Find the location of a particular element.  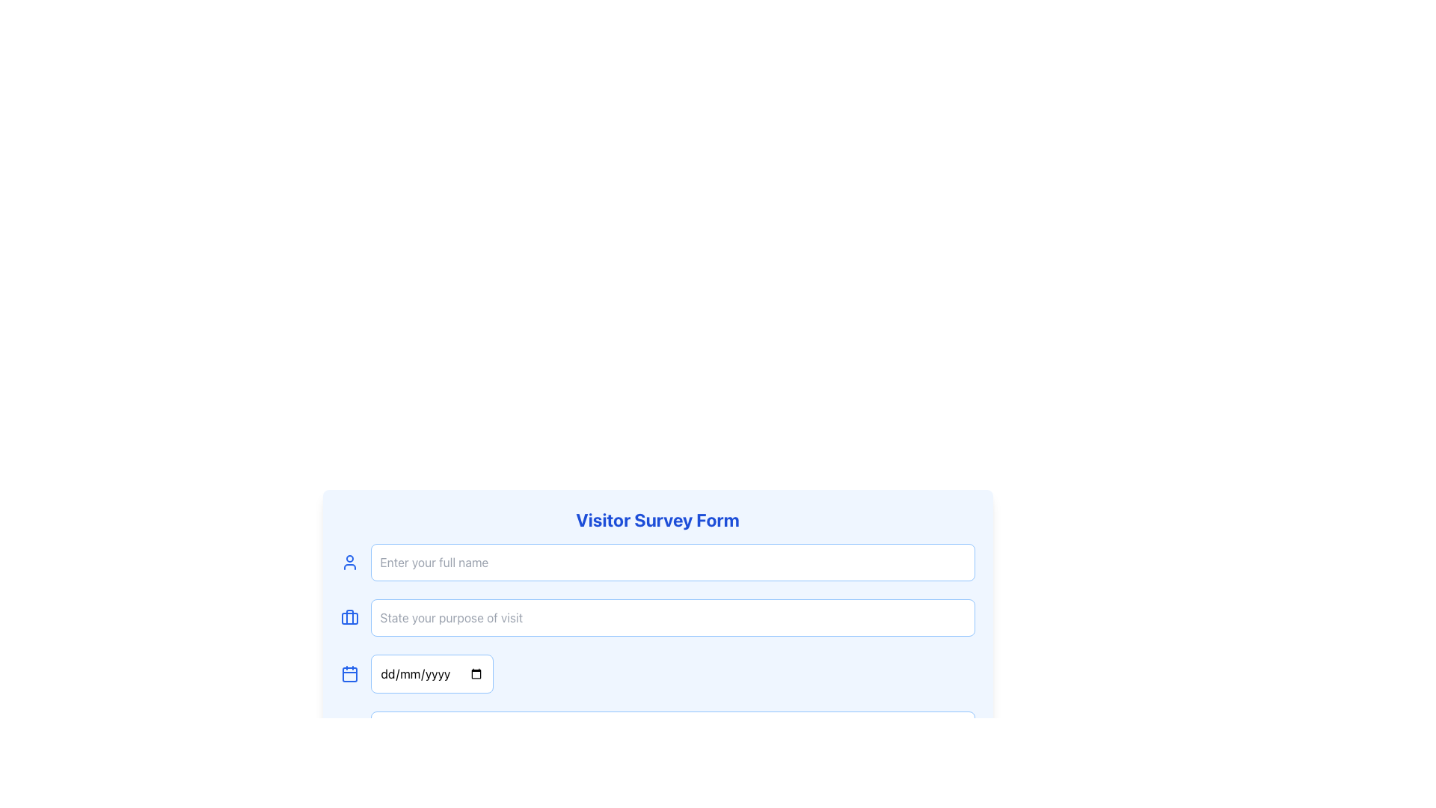

the user profile icon, which is a small blue silhouette icon located to the left of the 'Enter your full name' text input box is located at coordinates (349, 563).